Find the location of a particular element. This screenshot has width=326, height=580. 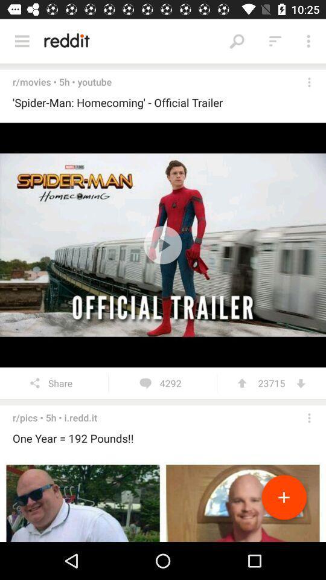

get more info is located at coordinates (309, 418).